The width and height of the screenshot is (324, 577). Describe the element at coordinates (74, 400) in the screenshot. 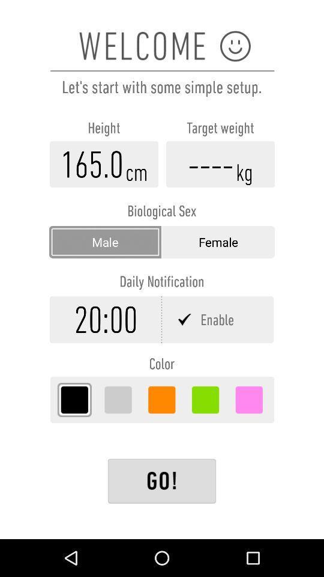

I see `sets color to black` at that location.